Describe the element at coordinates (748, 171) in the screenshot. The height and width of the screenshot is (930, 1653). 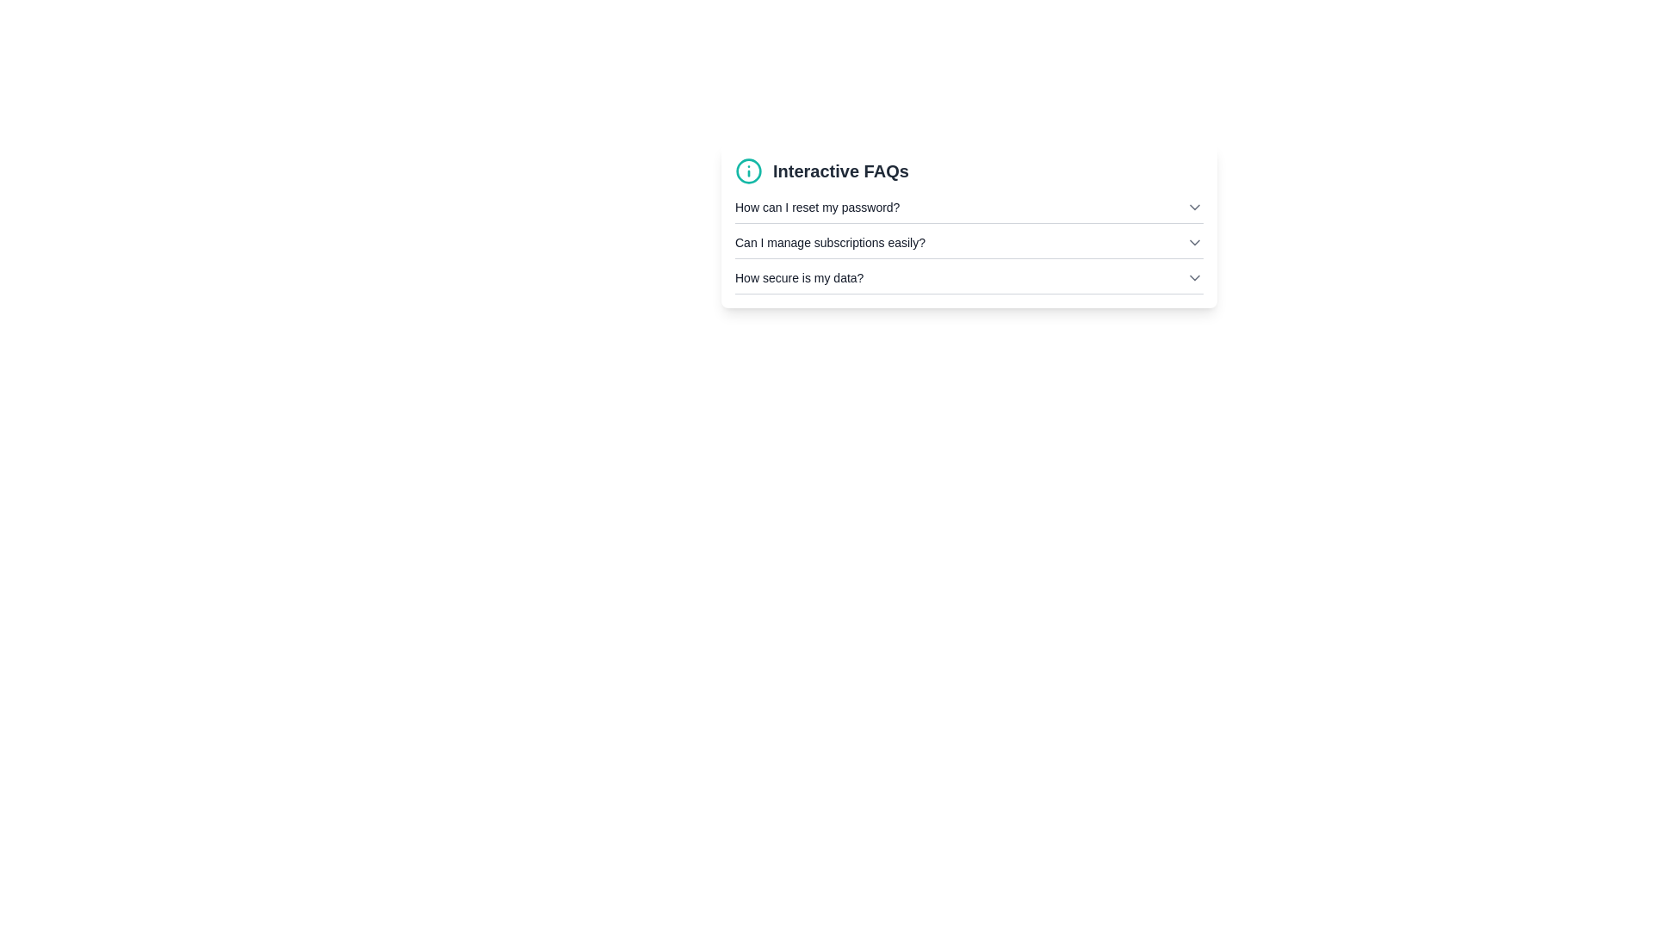
I see `the teal circular icon containing an 'i' symbol, located to the left of the 'Interactive FAQs' text at the top of the card, to trigger tooltip or highlight effects` at that location.